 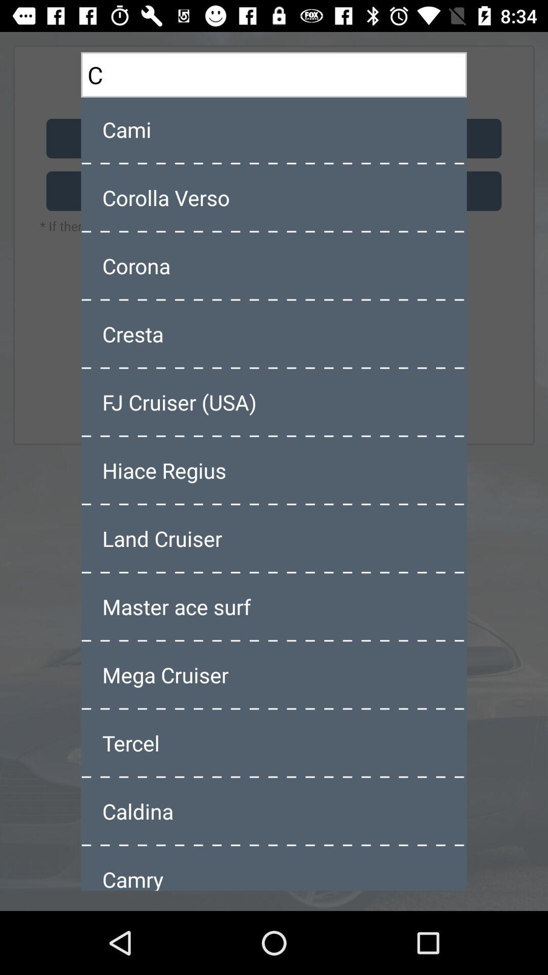 I want to click on mega cruiser icon, so click(x=274, y=675).